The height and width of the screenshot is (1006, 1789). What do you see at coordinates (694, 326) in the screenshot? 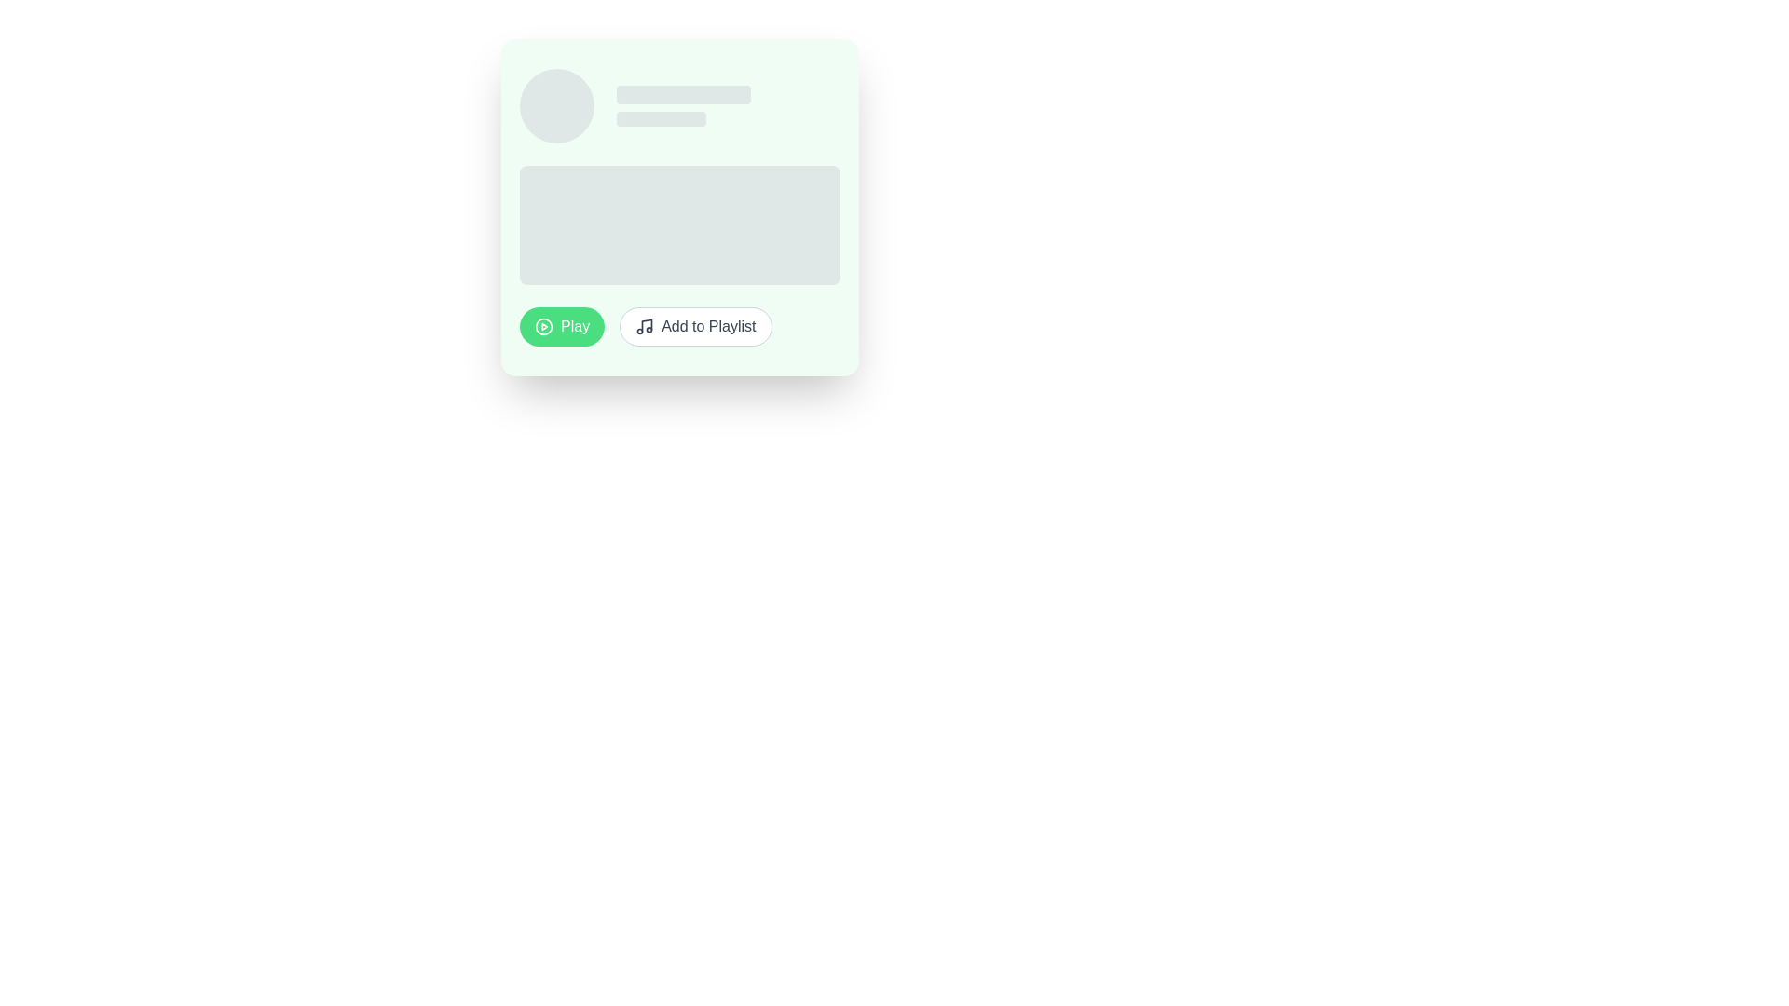
I see `the button that adds content to a playlist, located to the right of the 'Play' button in the bottom horizontal group of the card layout` at bounding box center [694, 326].